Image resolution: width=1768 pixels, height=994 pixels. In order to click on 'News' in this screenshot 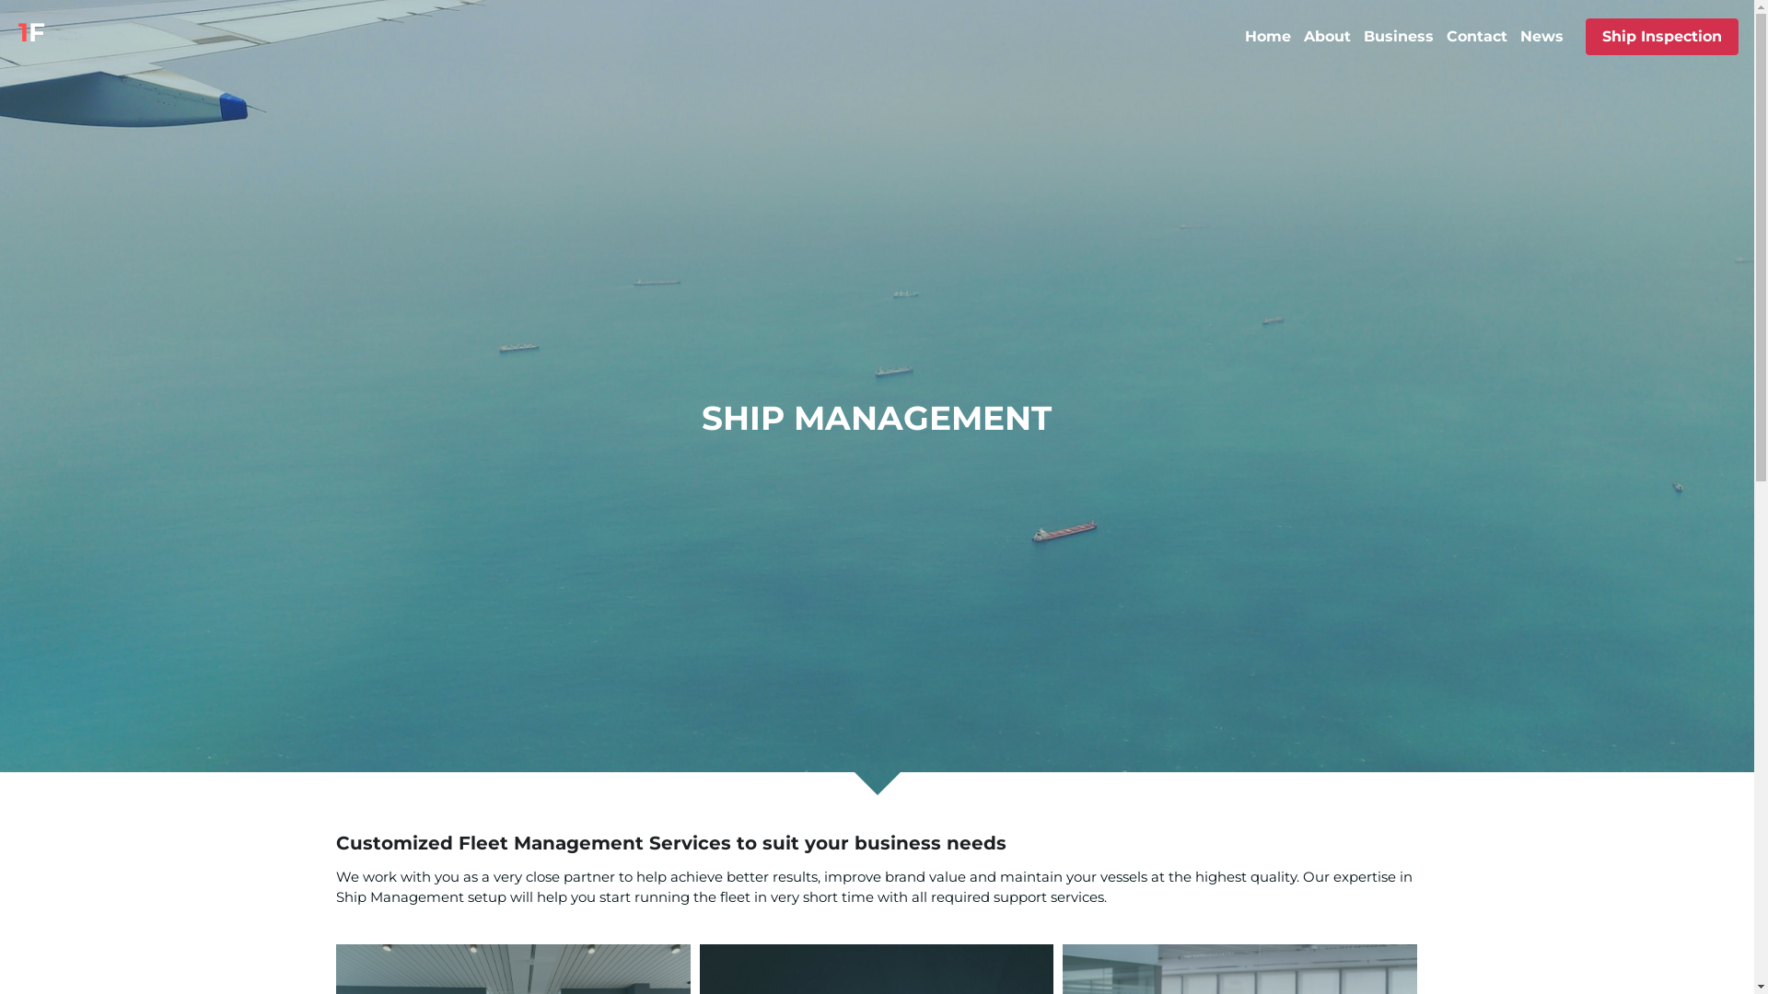, I will do `click(1541, 36)`.